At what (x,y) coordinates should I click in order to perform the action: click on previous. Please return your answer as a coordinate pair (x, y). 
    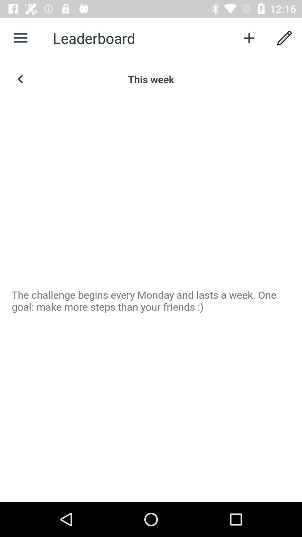
    Looking at the image, I should click on (20, 79).